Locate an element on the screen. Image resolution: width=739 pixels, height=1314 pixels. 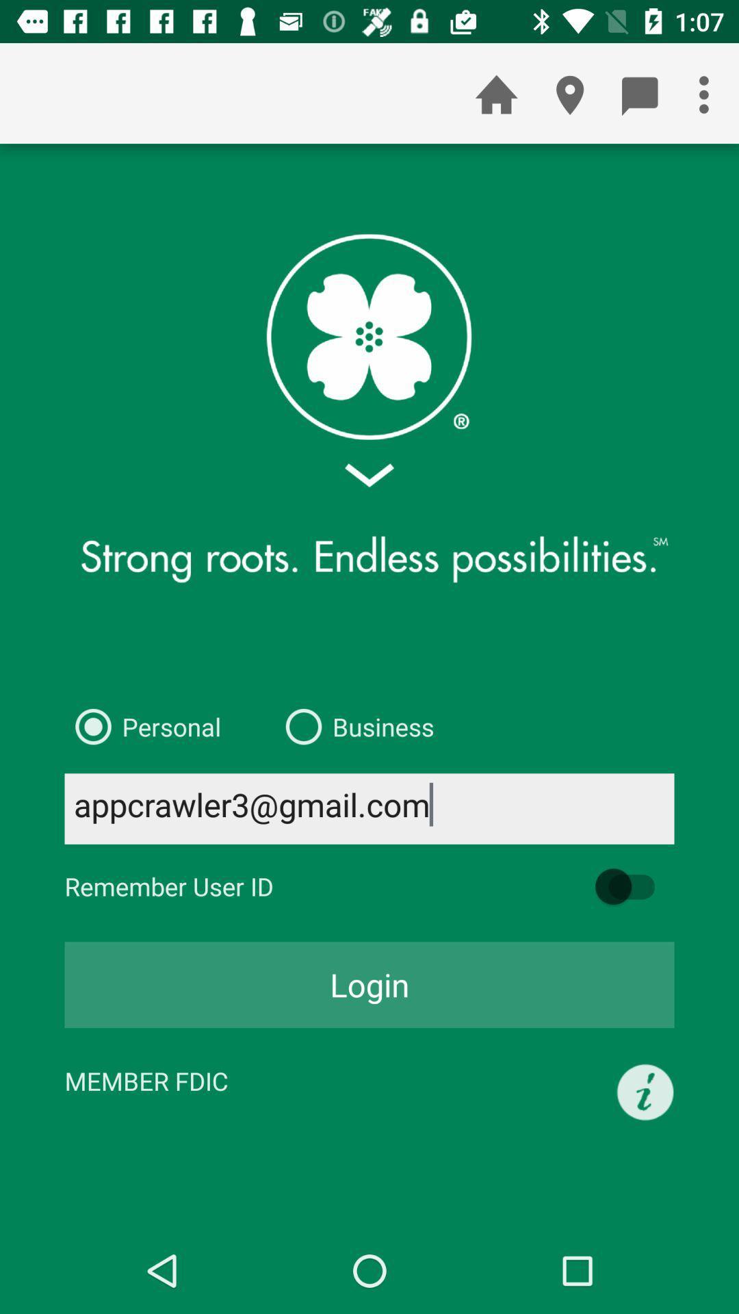
item above the appcrawler3@gmail.com item is located at coordinates (142, 725).